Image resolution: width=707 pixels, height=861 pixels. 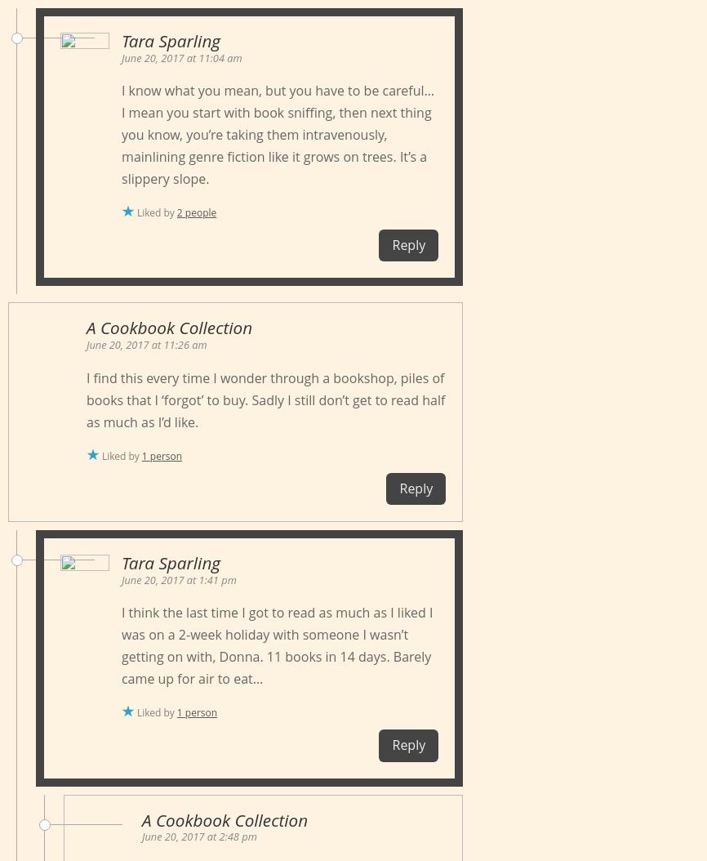 What do you see at coordinates (265, 398) in the screenshot?
I see `'I find this every time I wonder through a bookshop, piles of books that I ‘forgot’ to buy. Sadly I still don’t get to read half as much as I’d like.'` at bounding box center [265, 398].